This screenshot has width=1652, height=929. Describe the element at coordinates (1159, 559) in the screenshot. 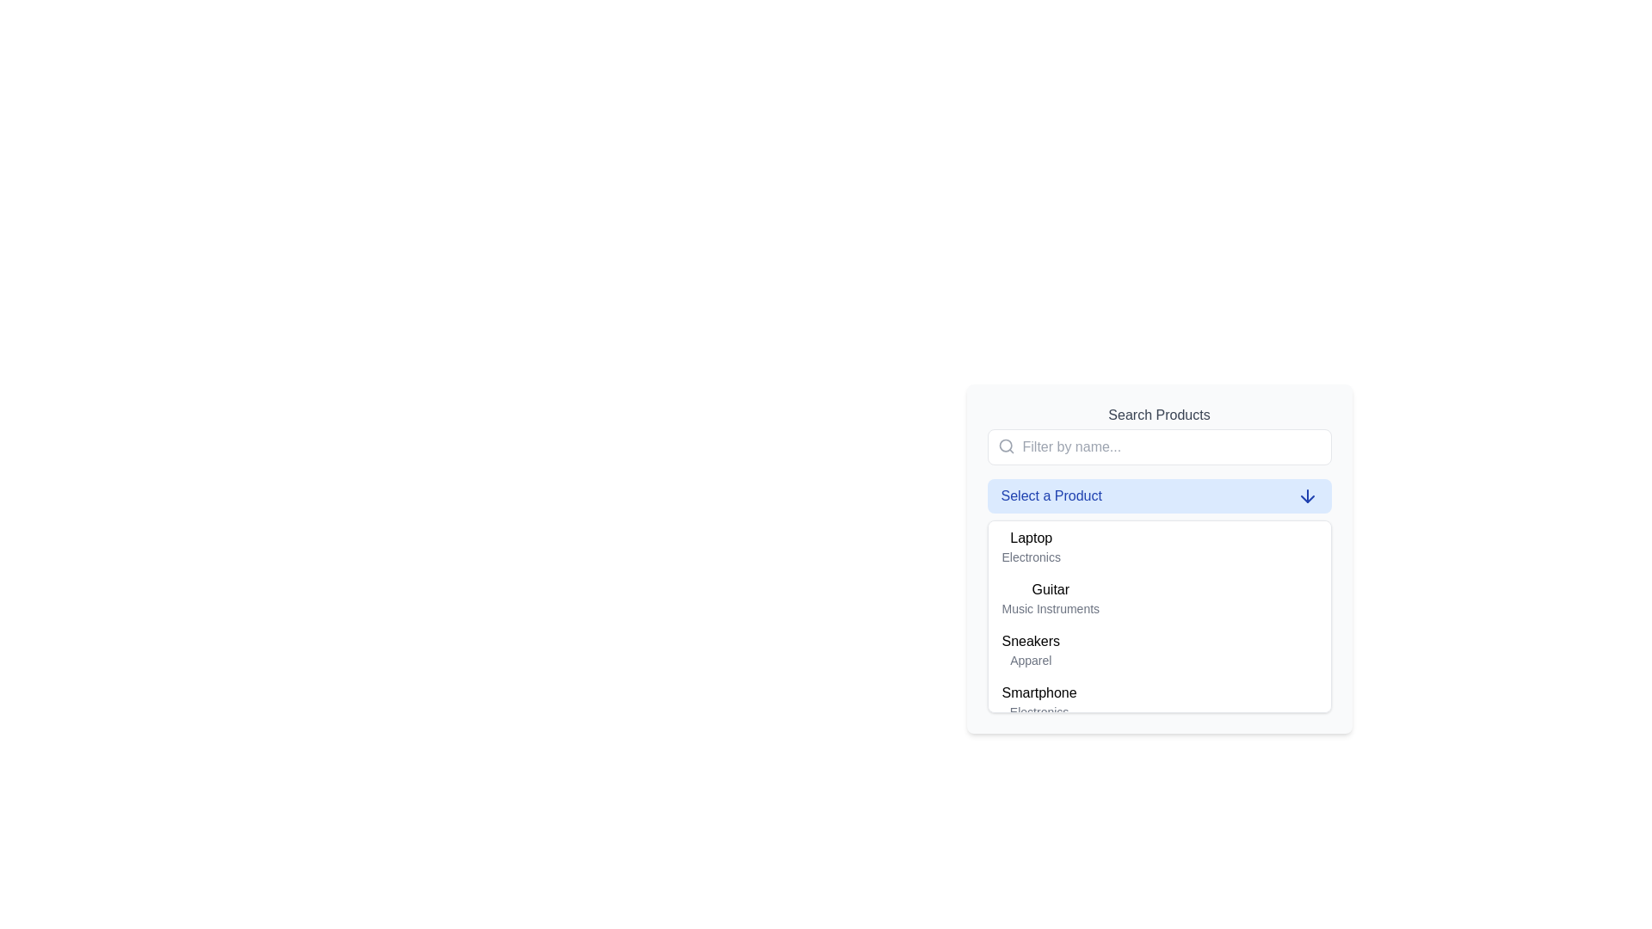

I see `the 'Laptop' dropdown item with subtext 'Electronics'` at that location.